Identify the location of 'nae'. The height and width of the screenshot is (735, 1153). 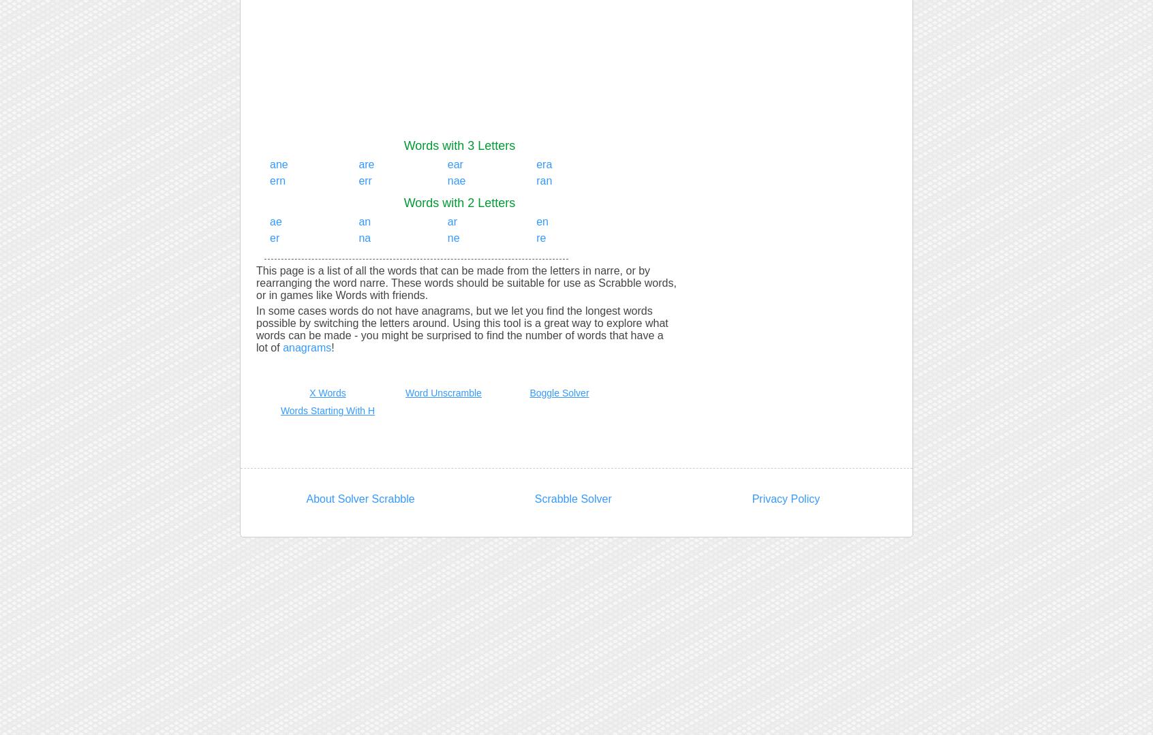
(456, 181).